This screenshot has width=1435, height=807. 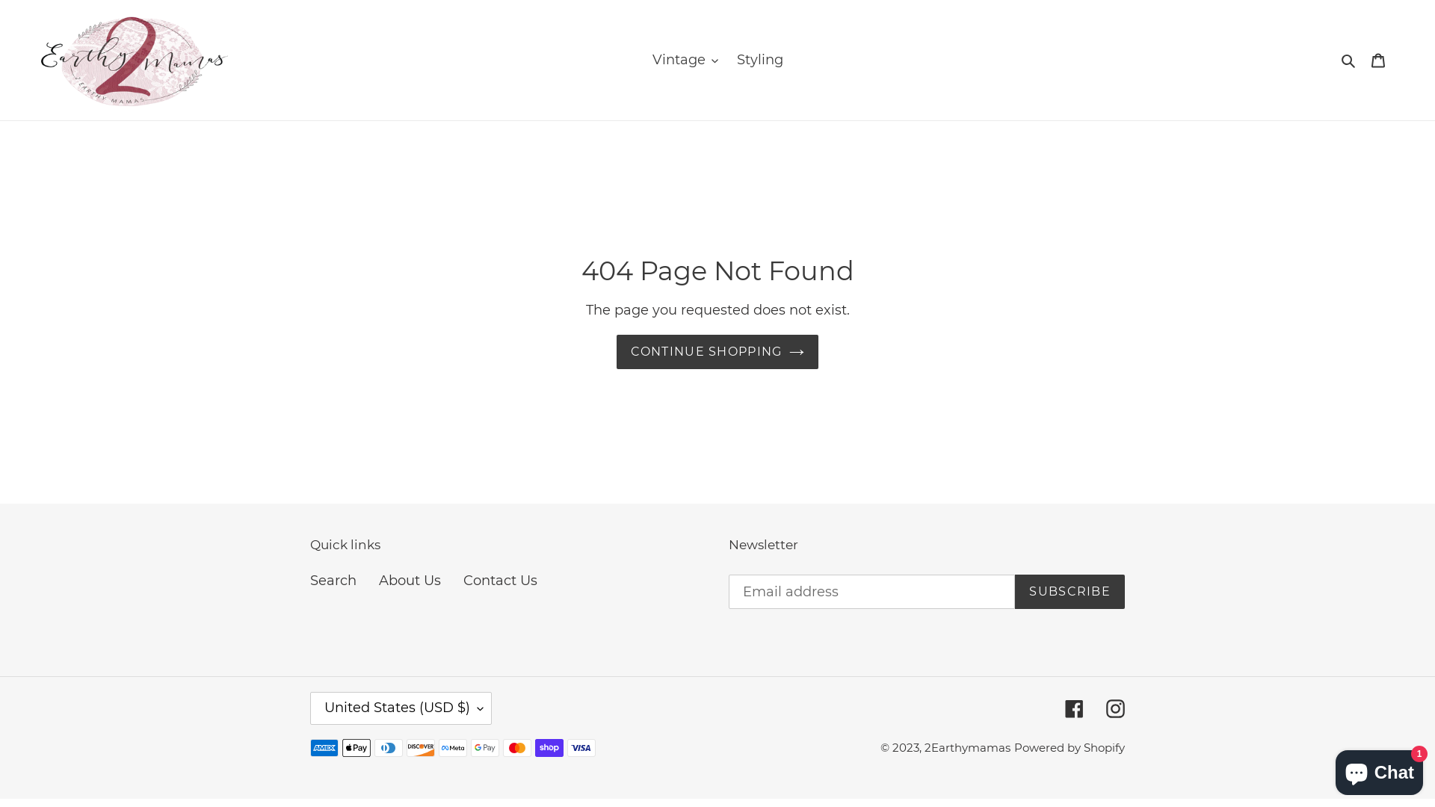 What do you see at coordinates (500, 579) in the screenshot?
I see `'Contact Us'` at bounding box center [500, 579].